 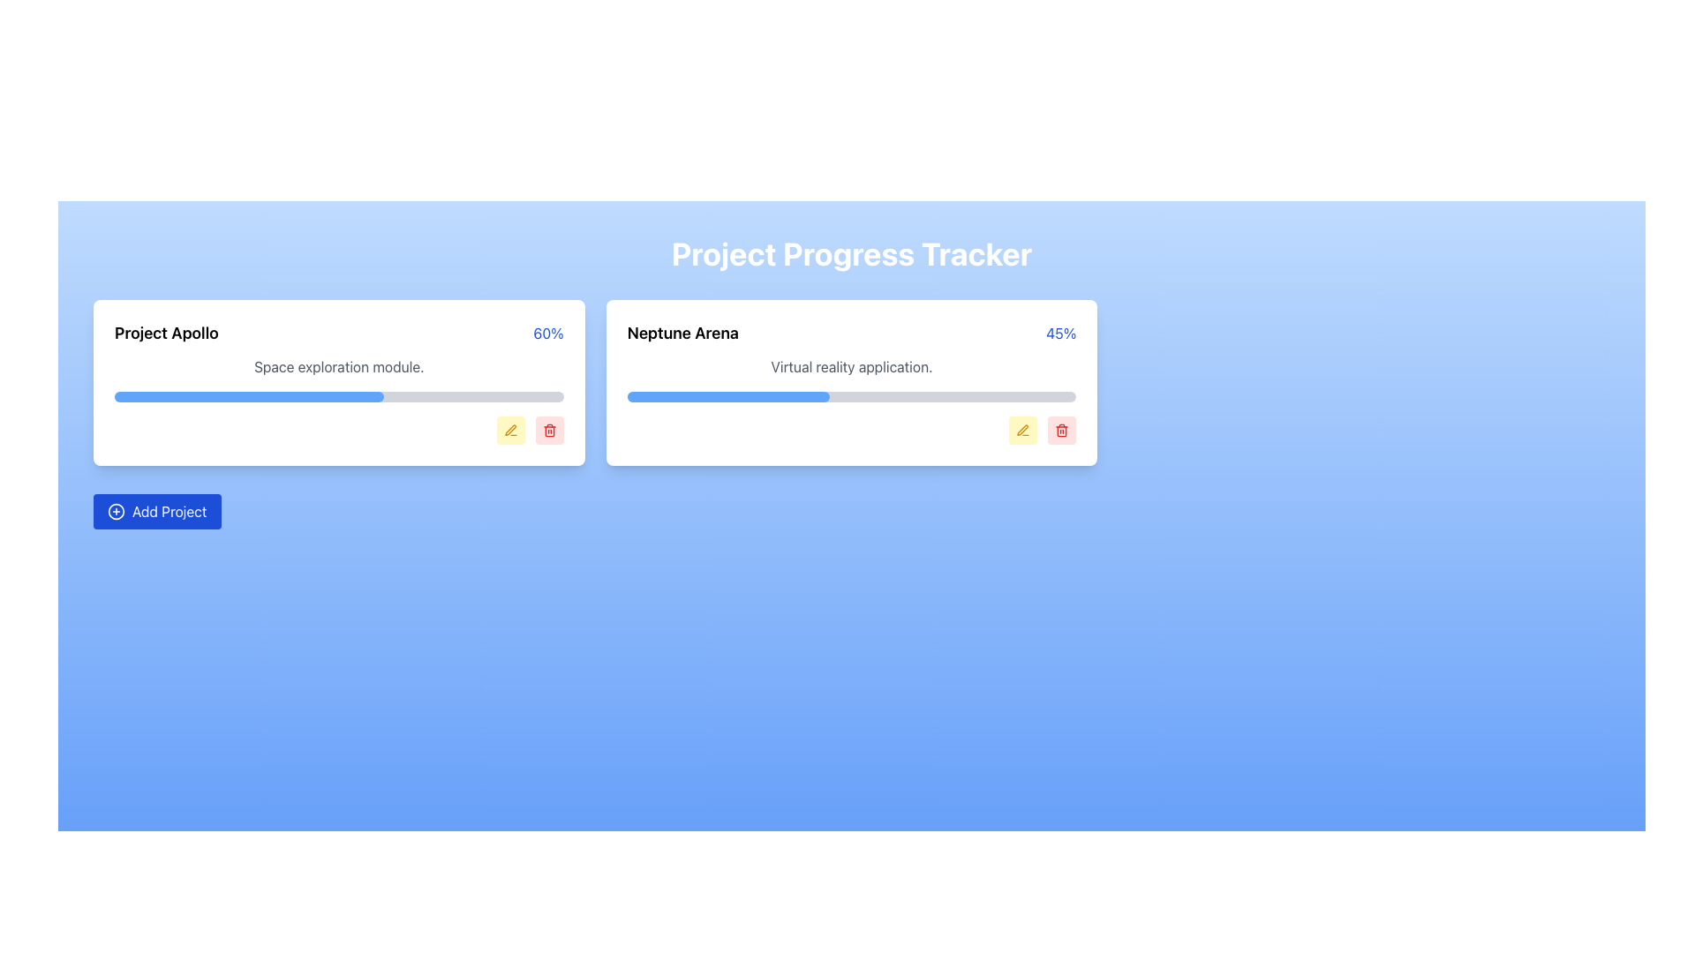 I want to click on the text label indicating a percentage value associated with the 'Neptune Arena' project to possibly trigger a tooltip, so click(x=1060, y=334).